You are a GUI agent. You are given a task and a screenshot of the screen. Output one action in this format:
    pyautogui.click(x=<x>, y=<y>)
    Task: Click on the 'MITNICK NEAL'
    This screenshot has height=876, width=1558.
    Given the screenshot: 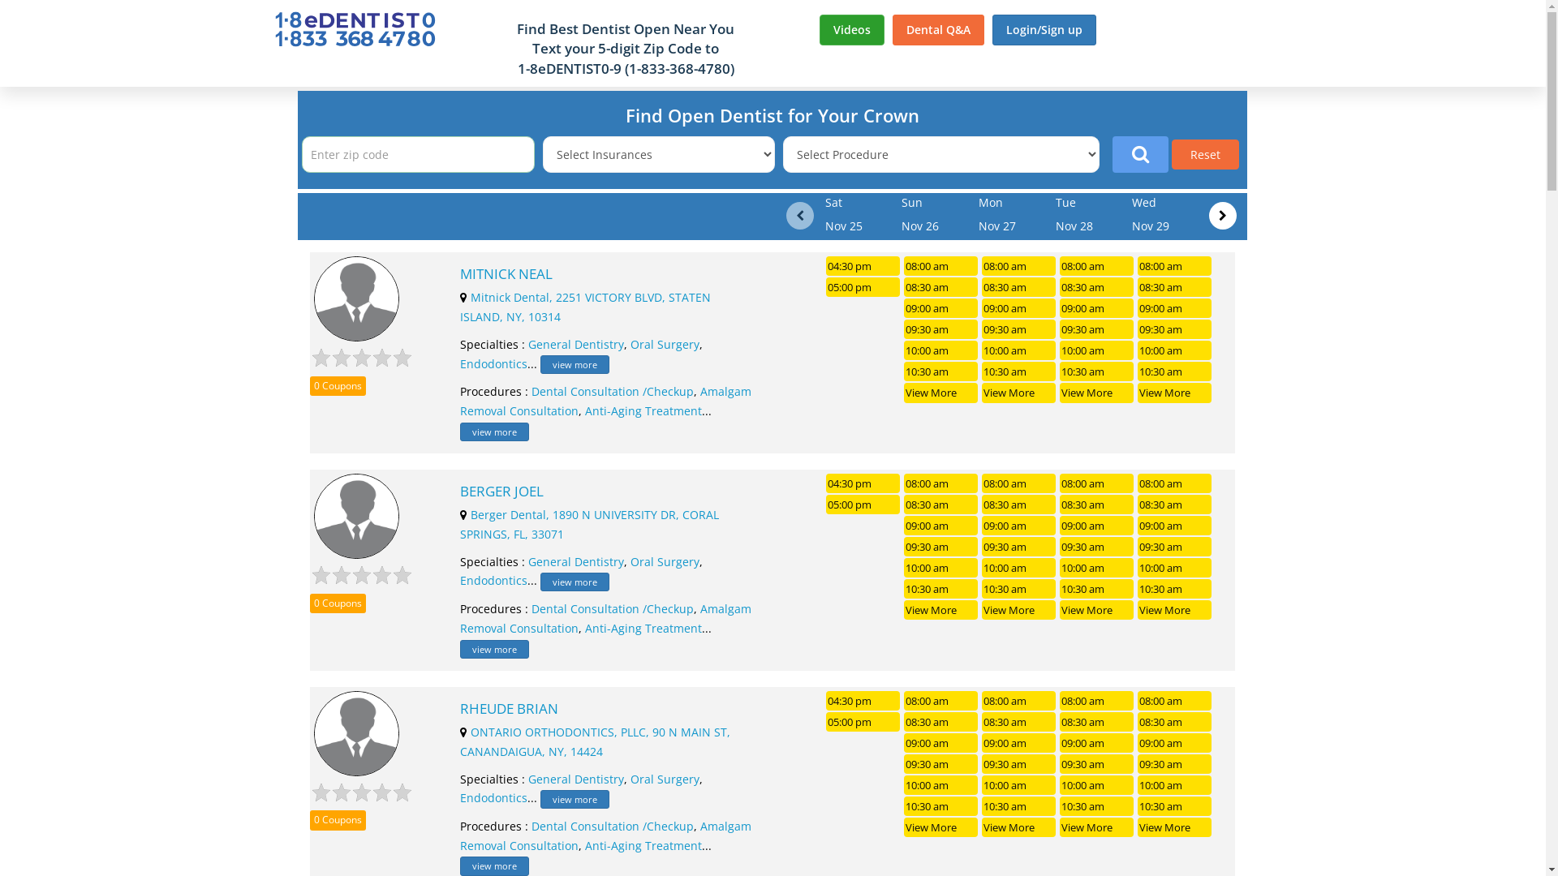 What is the action you would take?
    pyautogui.click(x=458, y=273)
    